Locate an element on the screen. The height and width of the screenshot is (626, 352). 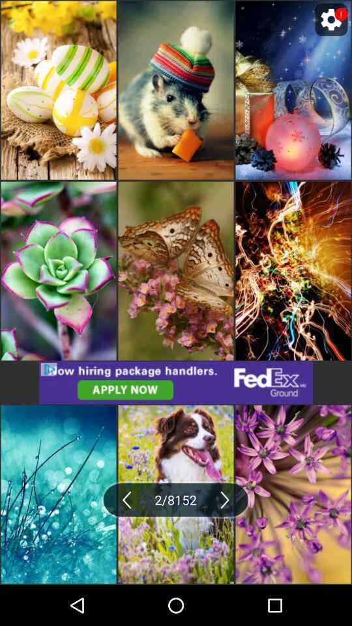
click the advertisement in middle is located at coordinates (176, 383).